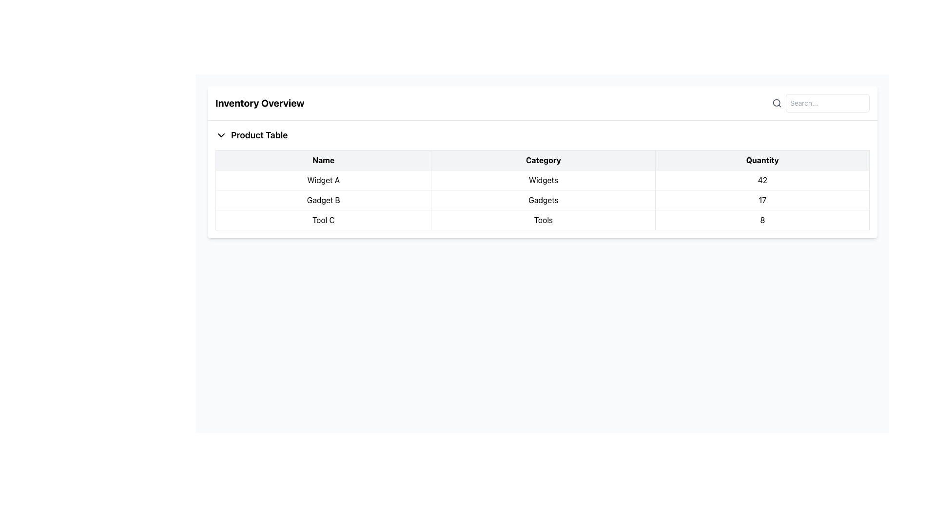 Image resolution: width=936 pixels, height=526 pixels. Describe the element at coordinates (542, 200) in the screenshot. I see `the second row in the 'Product Table' that displays information about a product, located between 'Widget A' and 'Tool C'` at that location.